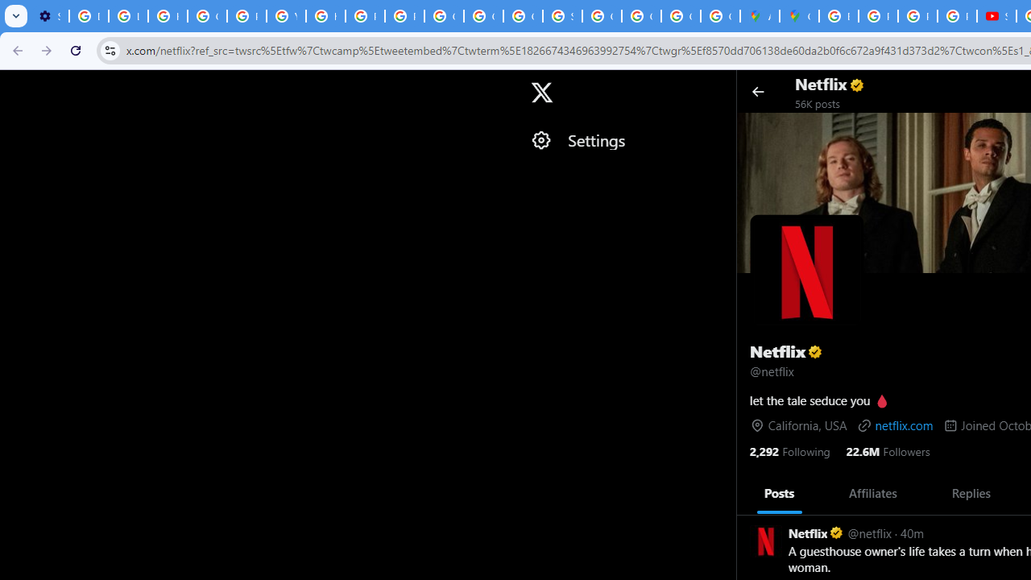 The width and height of the screenshot is (1031, 580). What do you see at coordinates (887, 450) in the screenshot?
I see `'22.6M Followers'` at bounding box center [887, 450].